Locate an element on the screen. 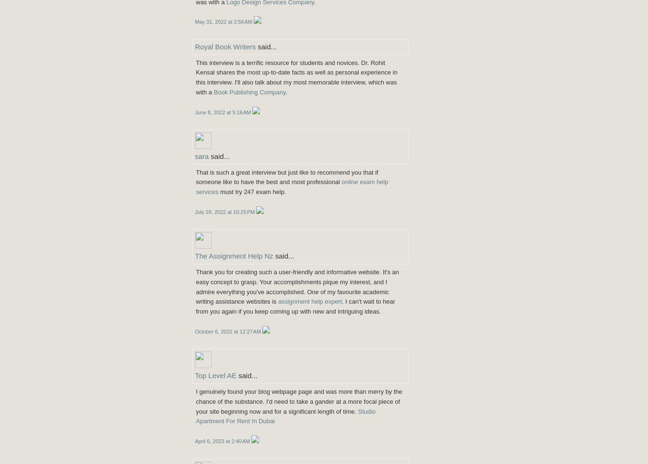 The image size is (648, 464). 'June 8, 2022 at 5:16 AM' is located at coordinates (223, 111).